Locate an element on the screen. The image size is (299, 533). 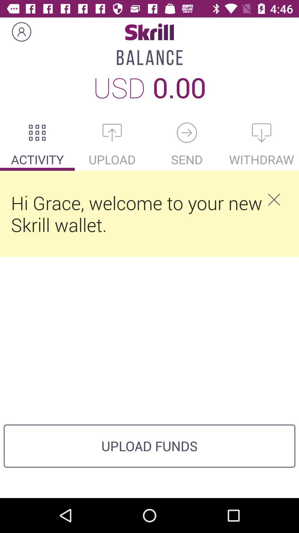
withdraw option is located at coordinates (262, 132).